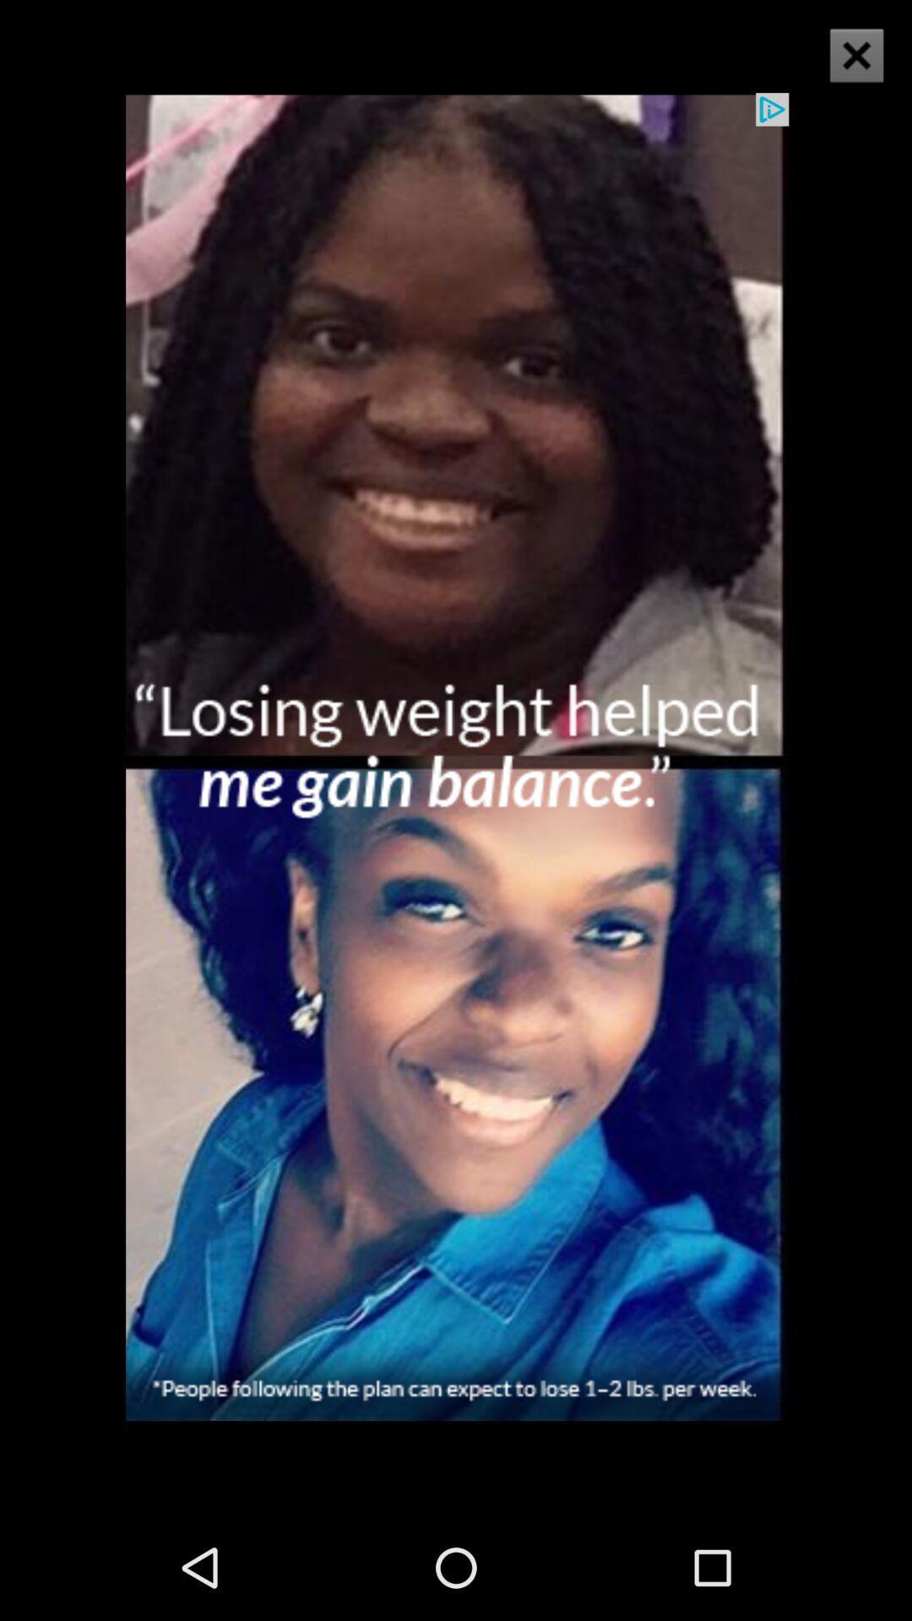  Describe the element at coordinates (856, 59) in the screenshot. I see `the close icon` at that location.